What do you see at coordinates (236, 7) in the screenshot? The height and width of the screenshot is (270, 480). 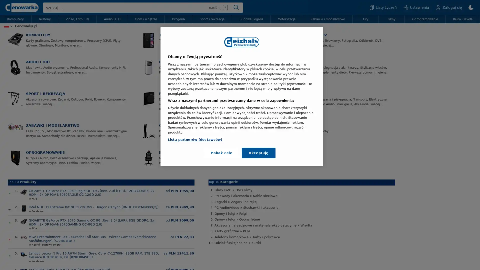 I see `Suchen` at bounding box center [236, 7].